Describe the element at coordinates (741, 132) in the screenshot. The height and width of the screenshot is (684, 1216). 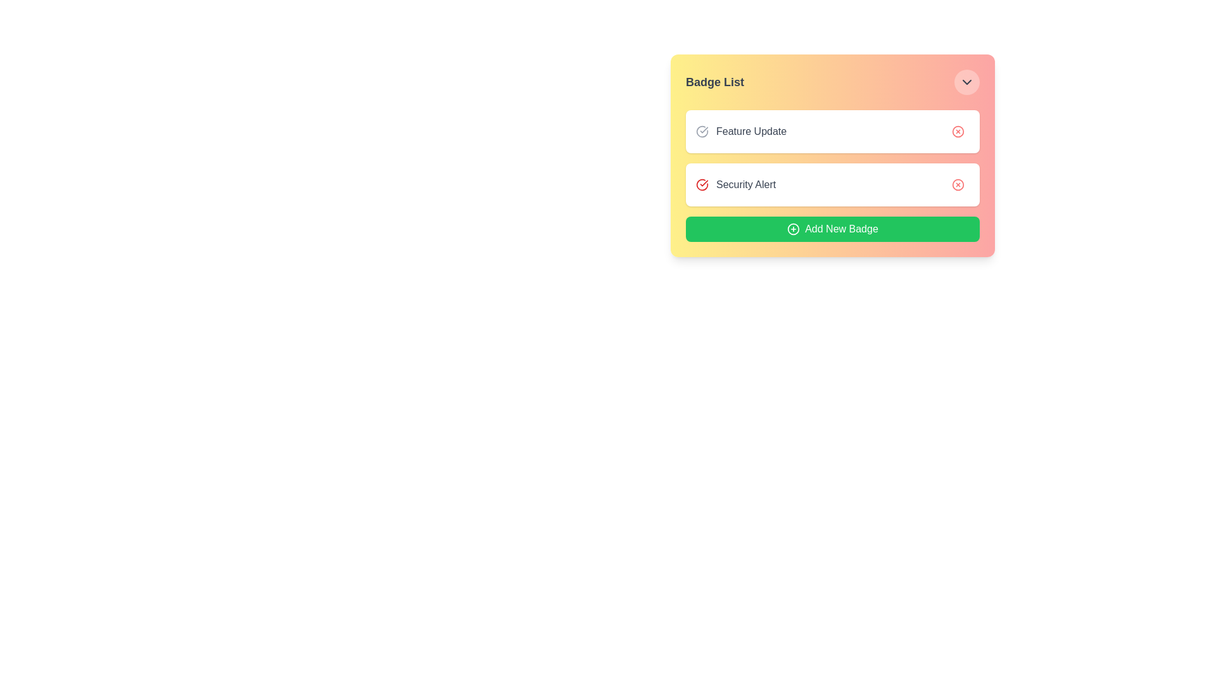
I see `the 'Feature Update' text of the first List Item element in the vertically stacked list for selection` at that location.